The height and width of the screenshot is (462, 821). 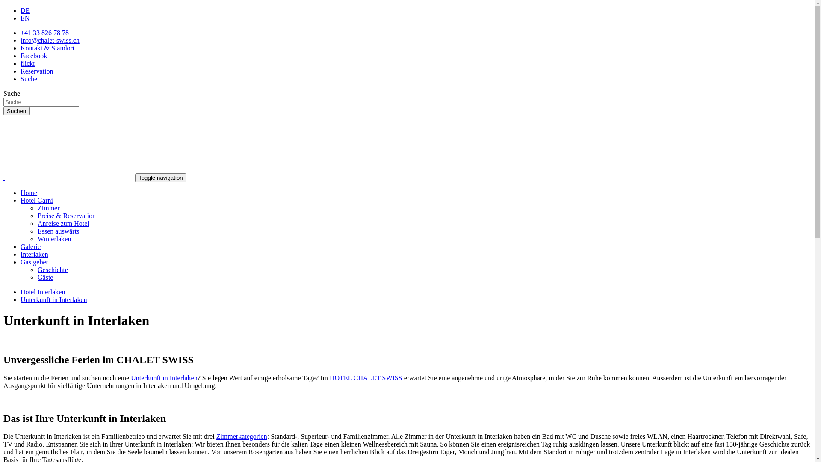 I want to click on 'Geschichte', so click(x=52, y=269).